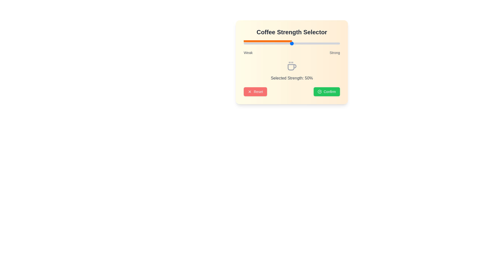  Describe the element at coordinates (292, 43) in the screenshot. I see `the thumb control of the Range slider in the 'Coffee Strength Selector' interface` at that location.